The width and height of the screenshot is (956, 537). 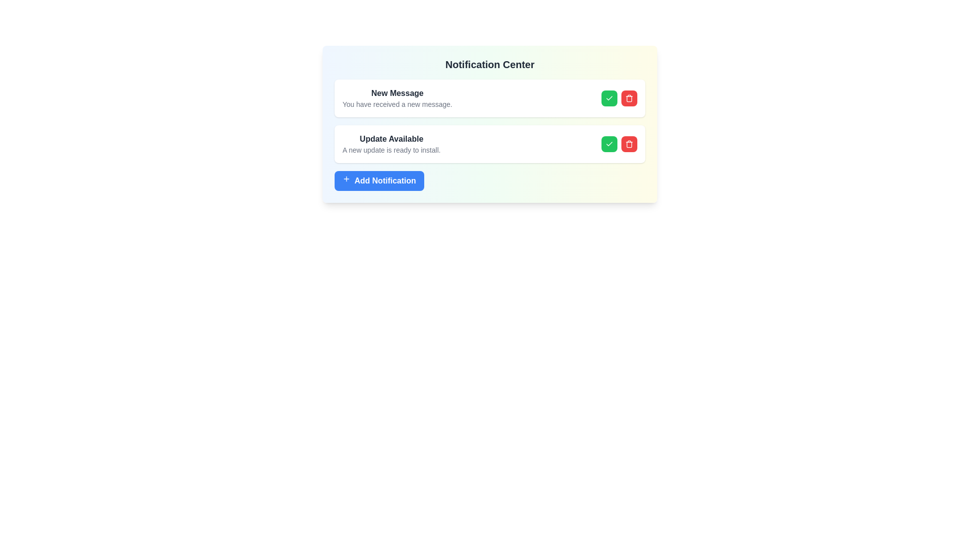 What do you see at coordinates (378, 180) in the screenshot?
I see `the button located in the lower central part of the 'Notification Center' card` at bounding box center [378, 180].